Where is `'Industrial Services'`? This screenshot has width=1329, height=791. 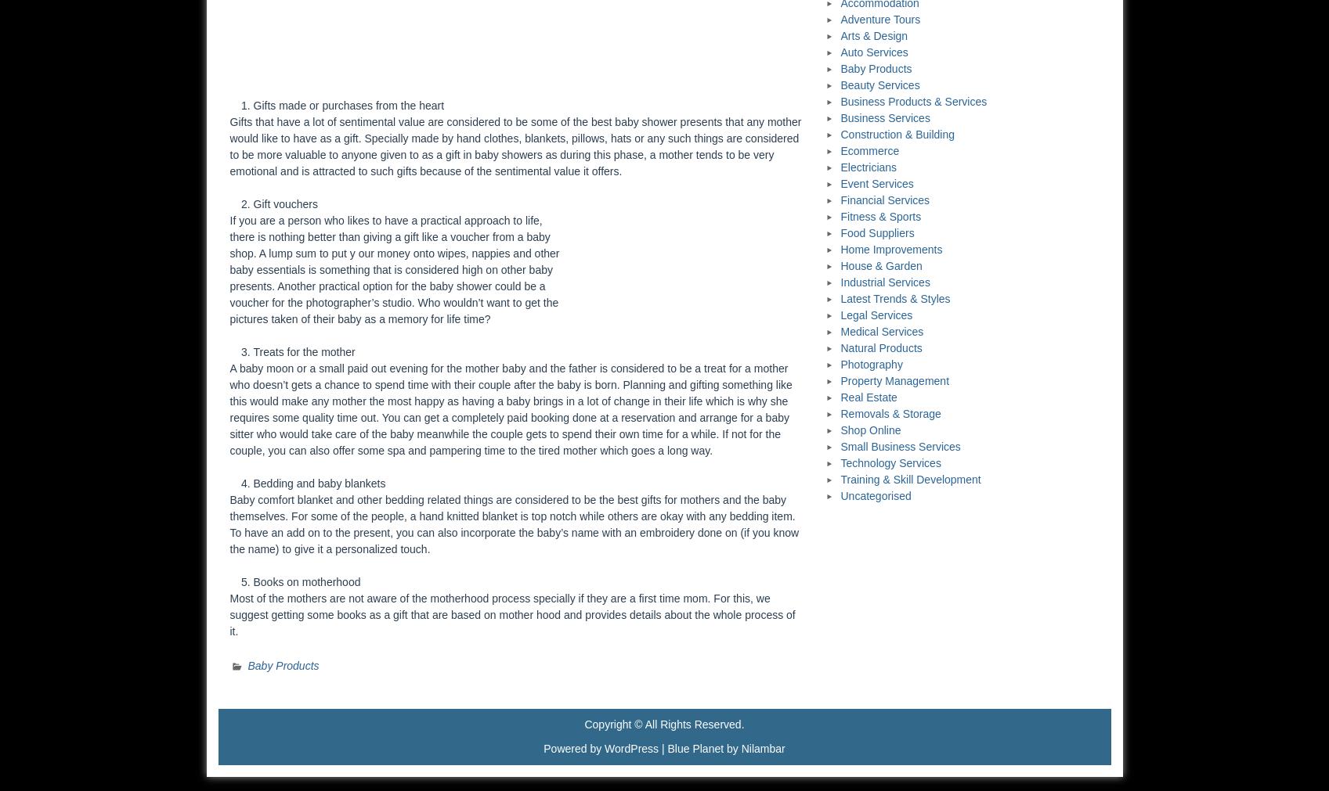 'Industrial Services' is located at coordinates (885, 281).